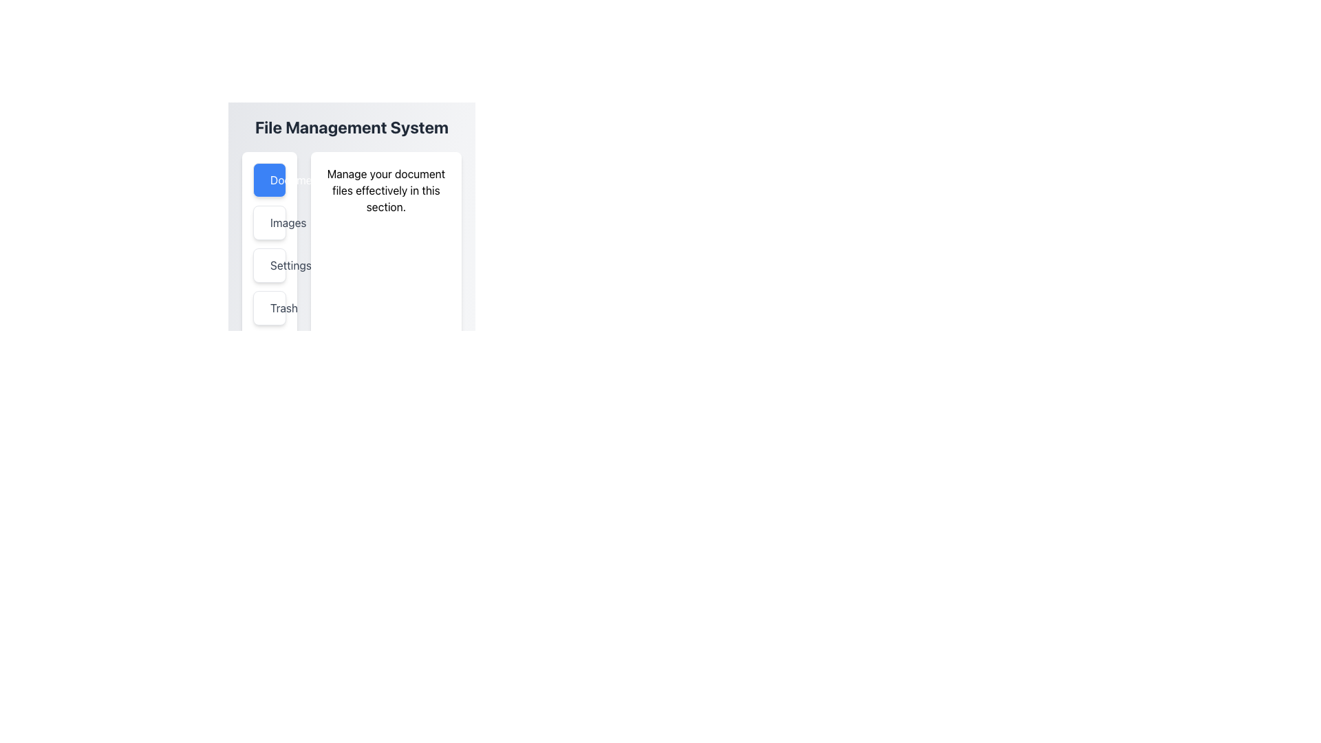 The image size is (1321, 743). What do you see at coordinates (270, 310) in the screenshot?
I see `the trash can icon in the vertical navigation bar on the left side of the interface to initiate a delete action` at bounding box center [270, 310].